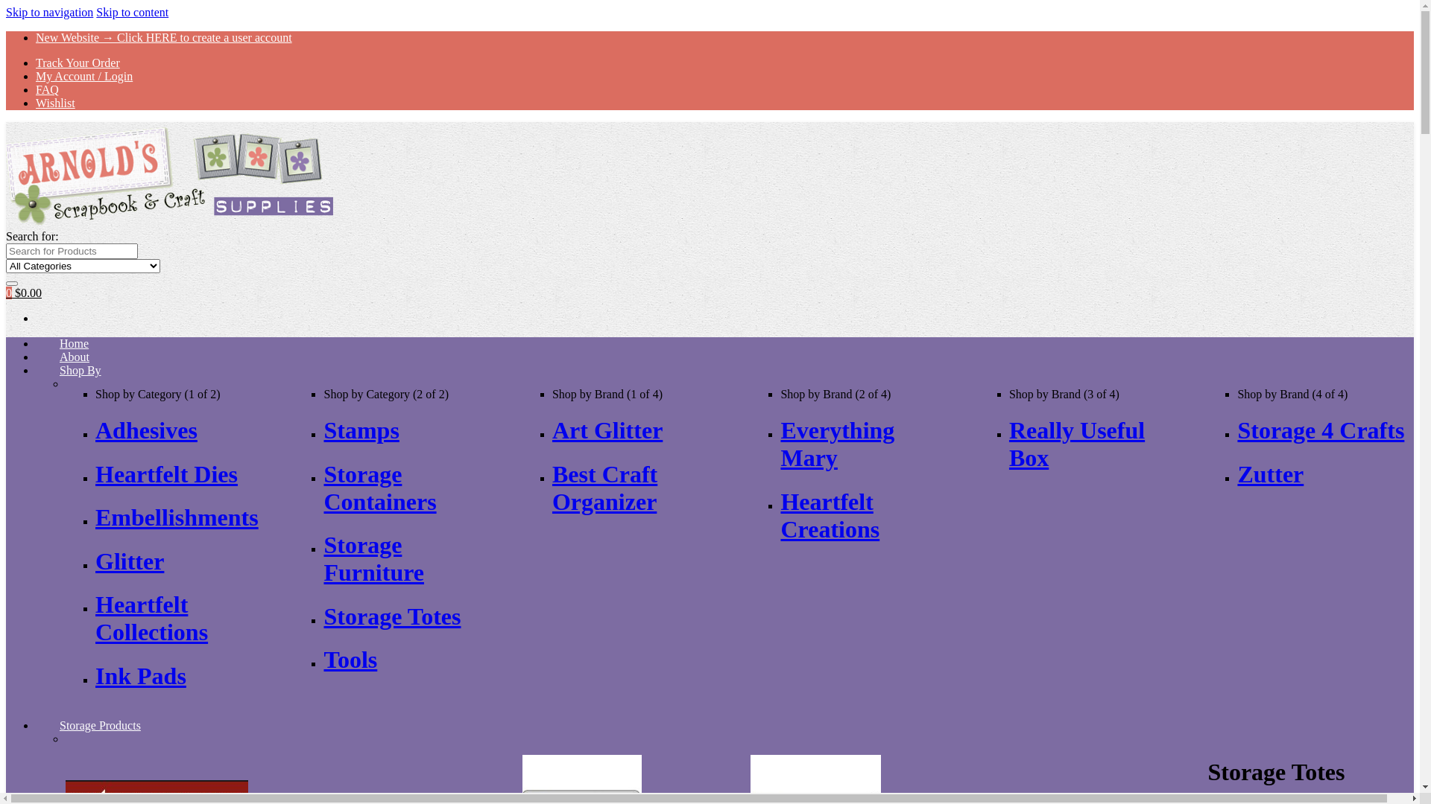 The image size is (1431, 804). Describe the element at coordinates (151, 618) in the screenshot. I see `'Heartfelt Collections'` at that location.